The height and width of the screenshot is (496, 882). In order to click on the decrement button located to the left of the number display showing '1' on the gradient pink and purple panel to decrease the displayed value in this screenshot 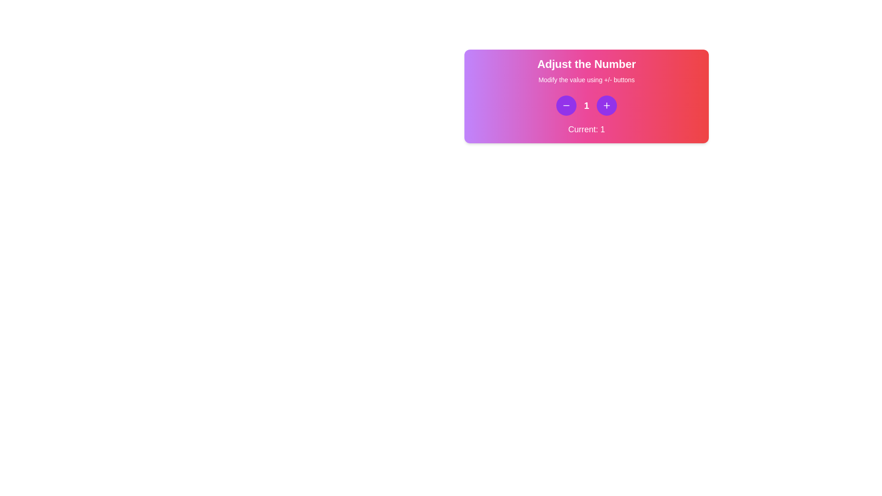, I will do `click(566, 105)`.